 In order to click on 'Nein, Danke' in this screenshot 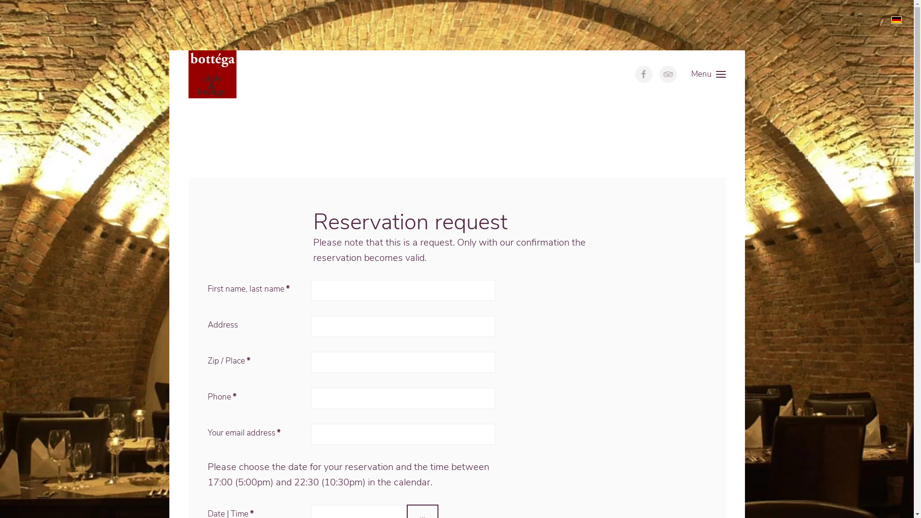, I will do `click(776, 24)`.